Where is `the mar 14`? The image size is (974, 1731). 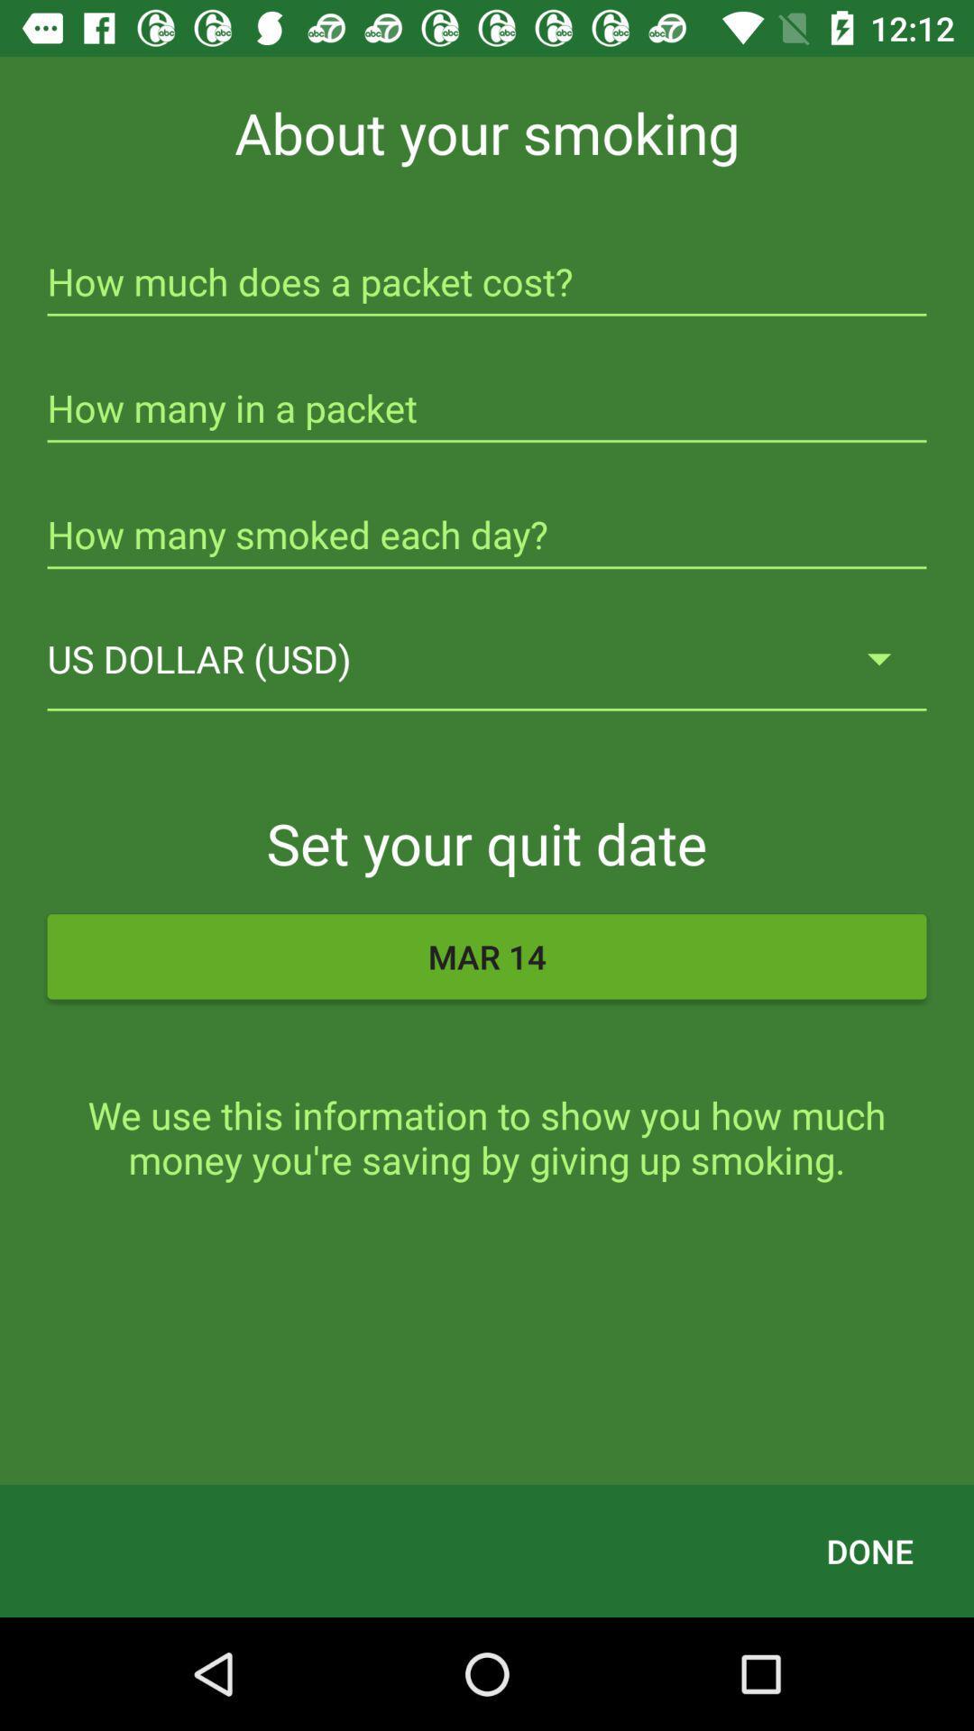 the mar 14 is located at coordinates (487, 956).